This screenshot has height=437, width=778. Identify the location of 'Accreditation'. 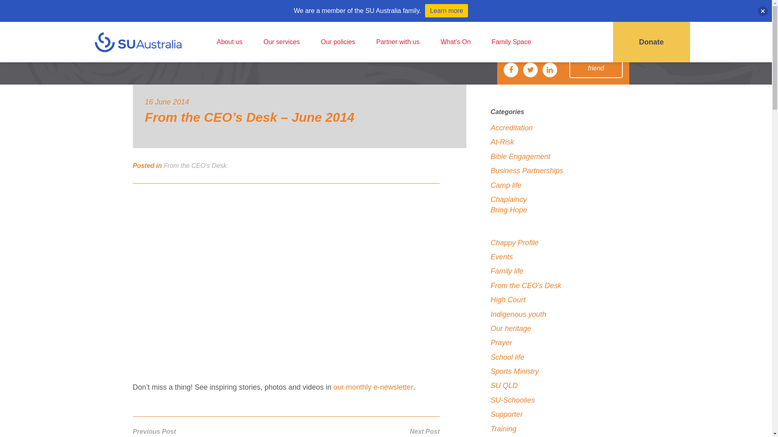
(490, 127).